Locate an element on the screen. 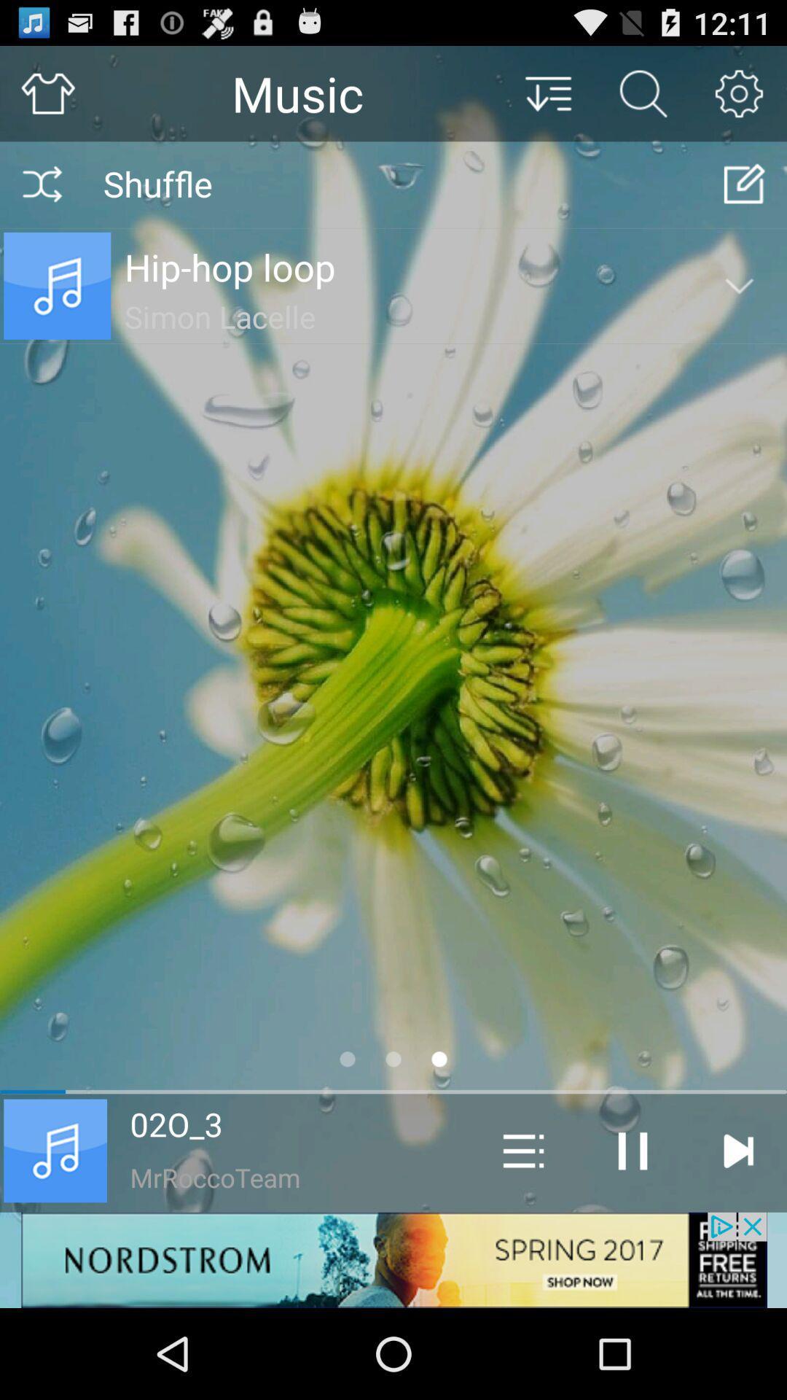 The height and width of the screenshot is (1400, 787). the pause icon is located at coordinates (632, 1231).